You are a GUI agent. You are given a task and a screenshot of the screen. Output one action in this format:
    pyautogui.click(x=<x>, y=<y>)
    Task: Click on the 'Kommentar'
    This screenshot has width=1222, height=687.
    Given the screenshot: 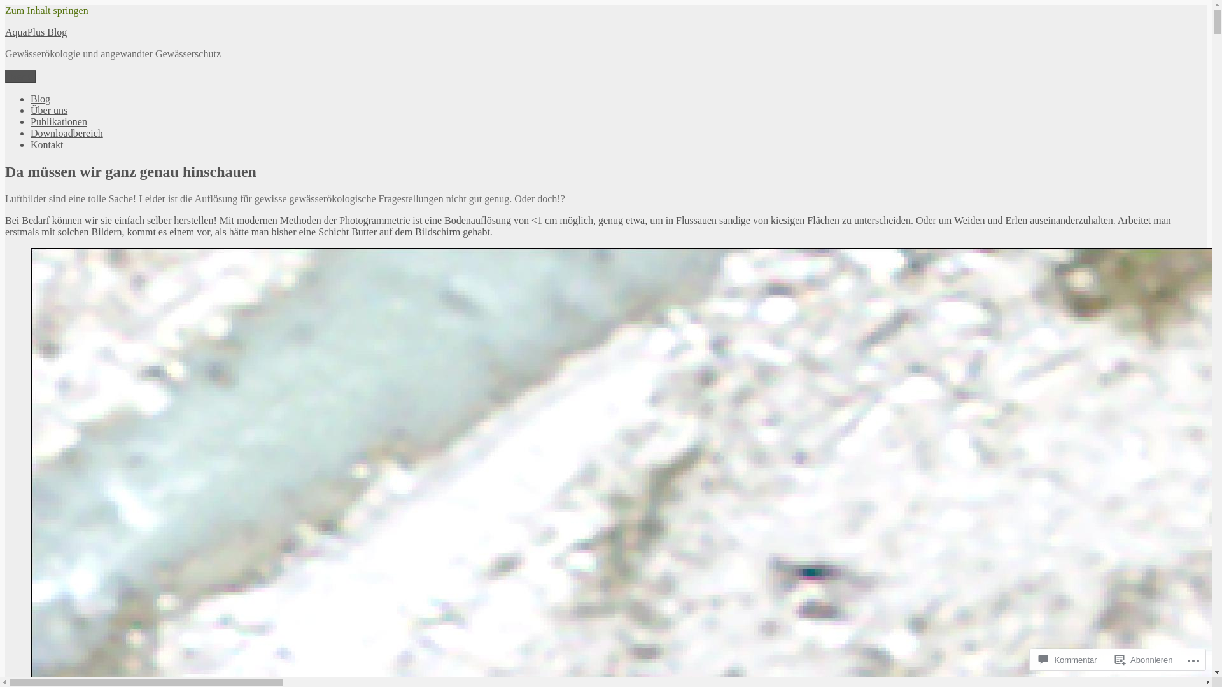 What is the action you would take?
    pyautogui.click(x=1067, y=659)
    